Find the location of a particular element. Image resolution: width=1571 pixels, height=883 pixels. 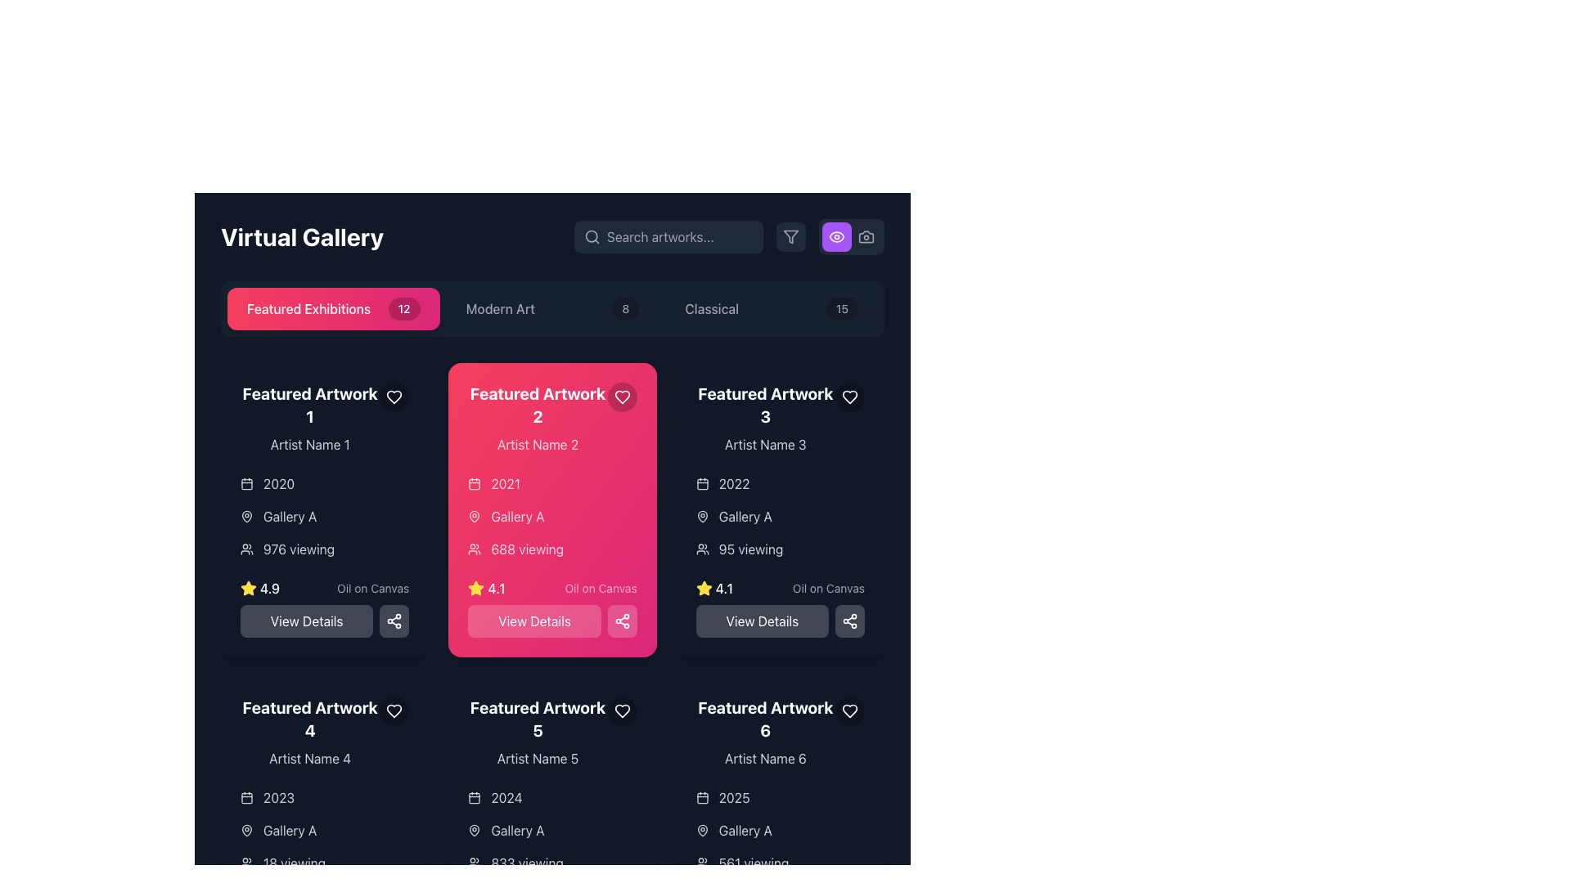

the small group of people icon located next to the text '561 viewing' in the lower section of the panel for 'Featured Artwork 6' is located at coordinates (702, 863).